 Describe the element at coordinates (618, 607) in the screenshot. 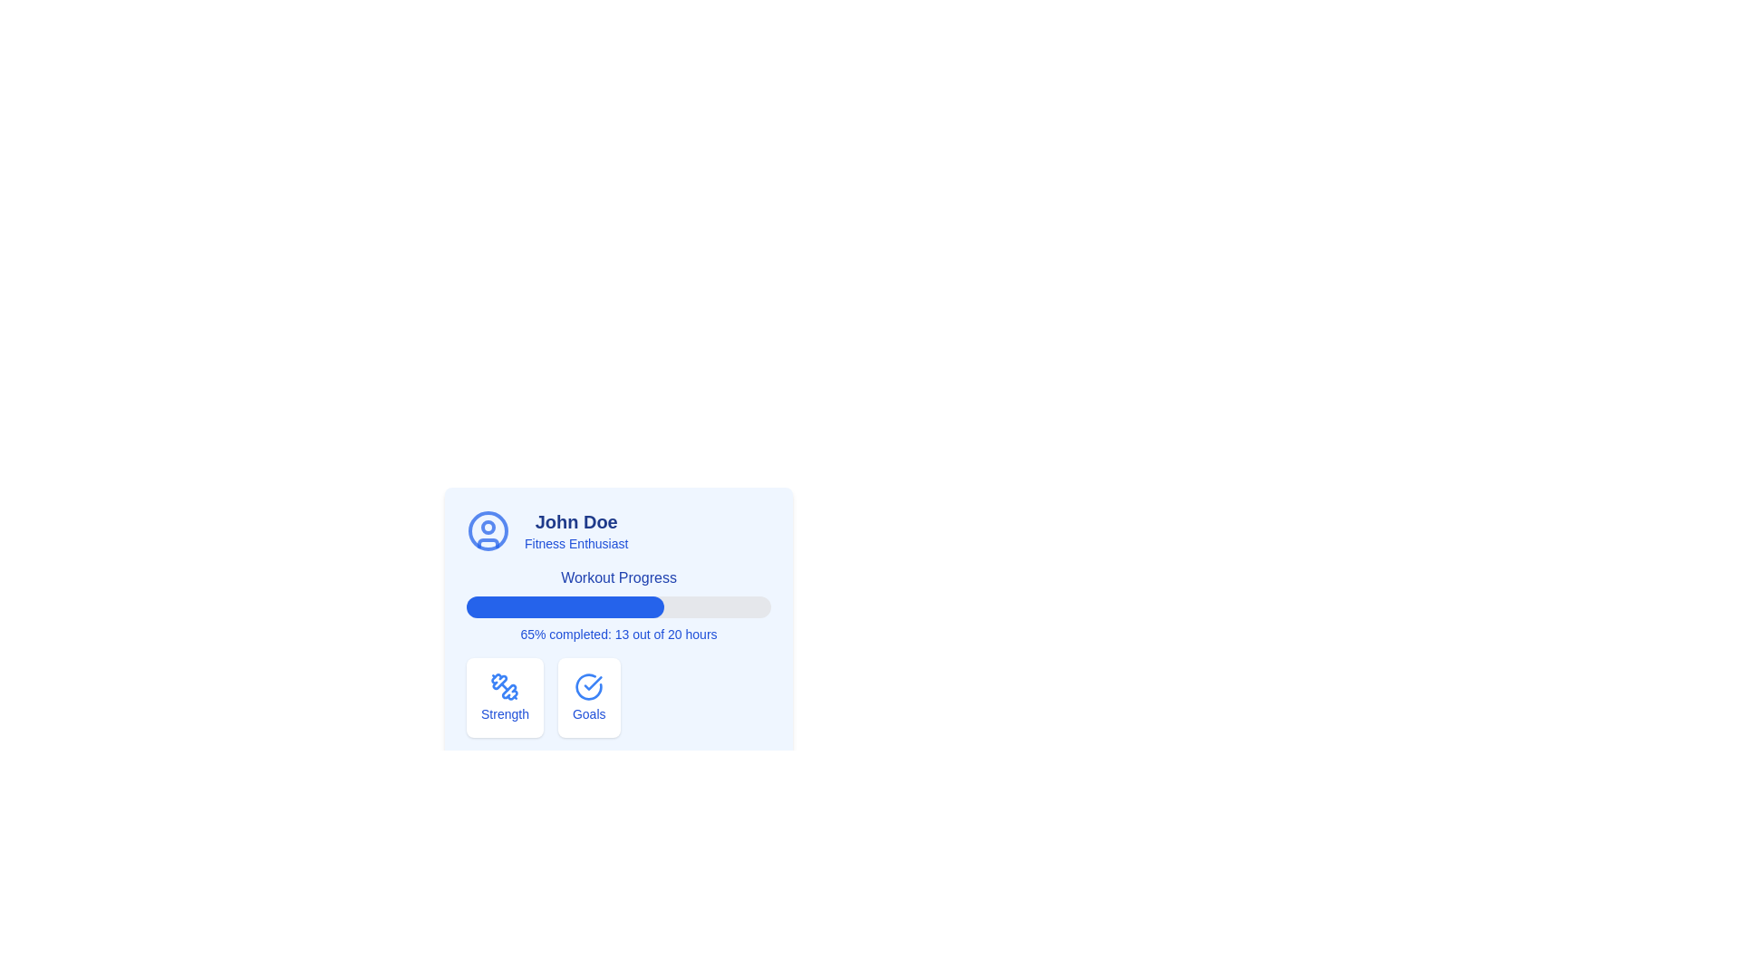

I see `the horizontal progress bar located below 'Workout Progress' and above '65% completed: 13 out of 20 hours', which has a light gray background and a solid blue progress indicator filling approximately 65%` at that location.